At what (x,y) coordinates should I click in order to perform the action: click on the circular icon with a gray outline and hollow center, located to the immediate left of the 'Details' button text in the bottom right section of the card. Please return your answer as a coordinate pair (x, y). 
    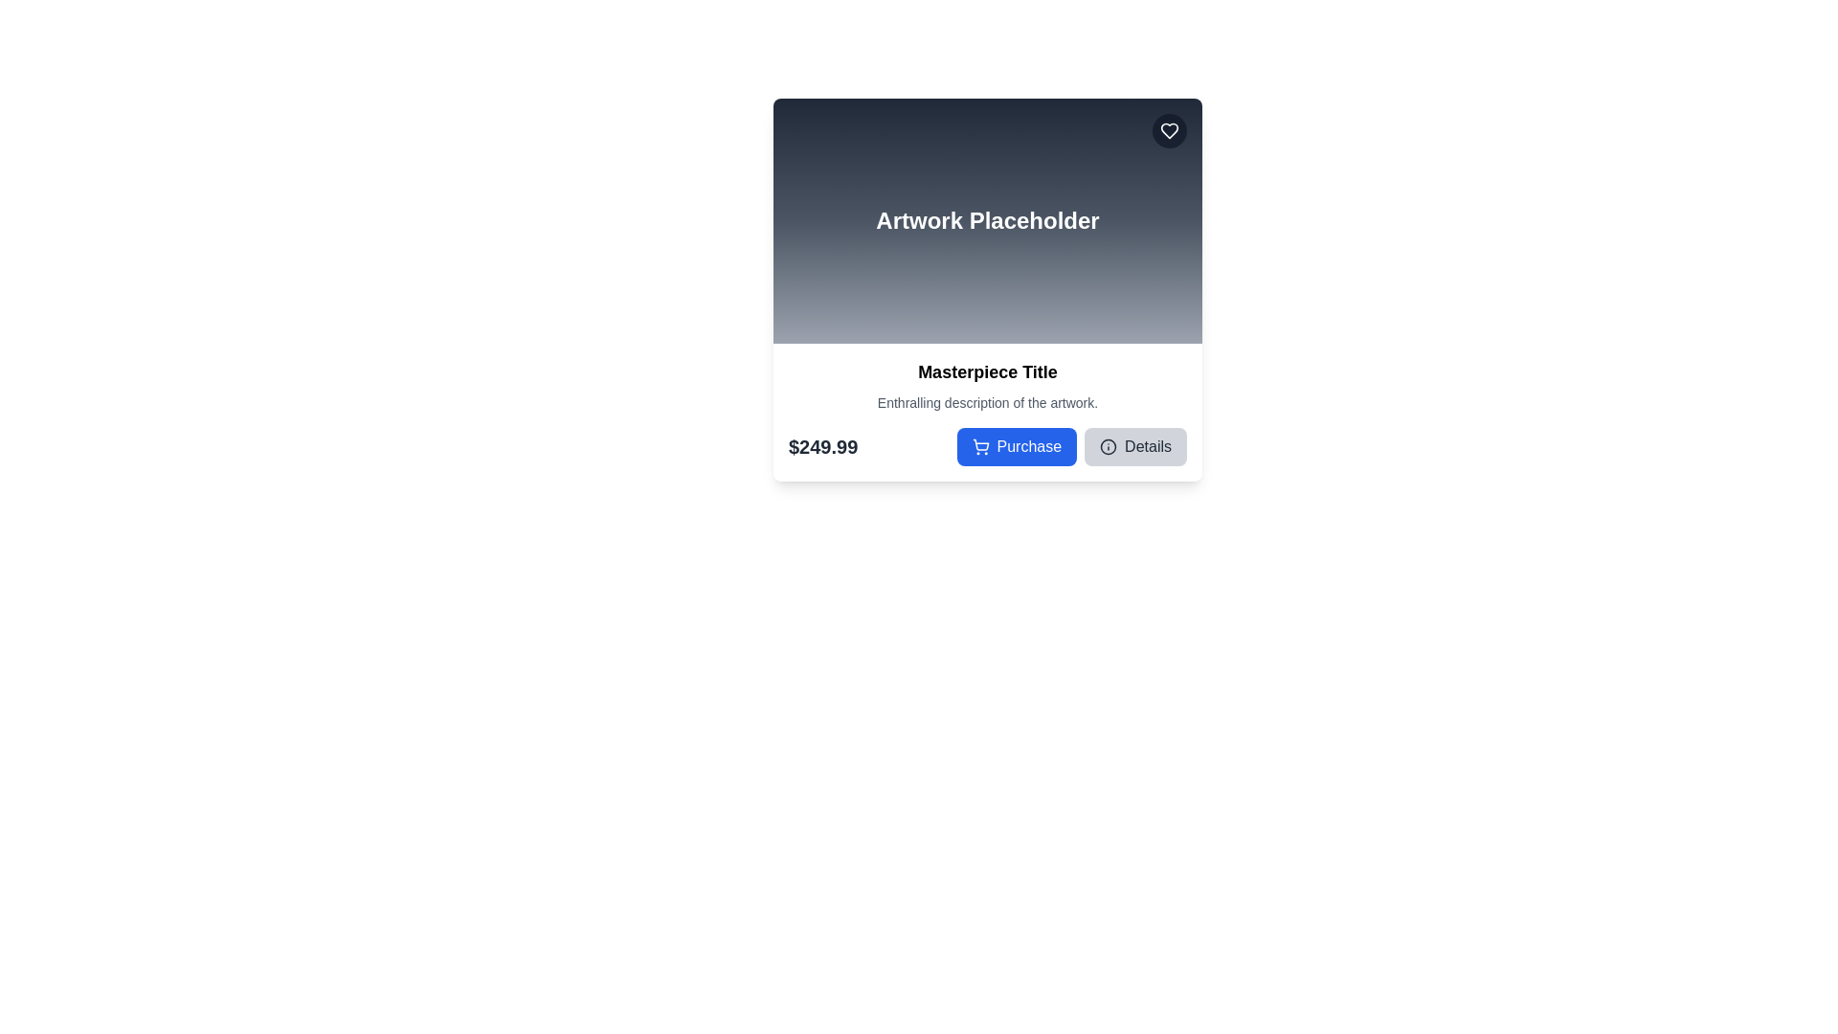
    Looking at the image, I should click on (1109, 446).